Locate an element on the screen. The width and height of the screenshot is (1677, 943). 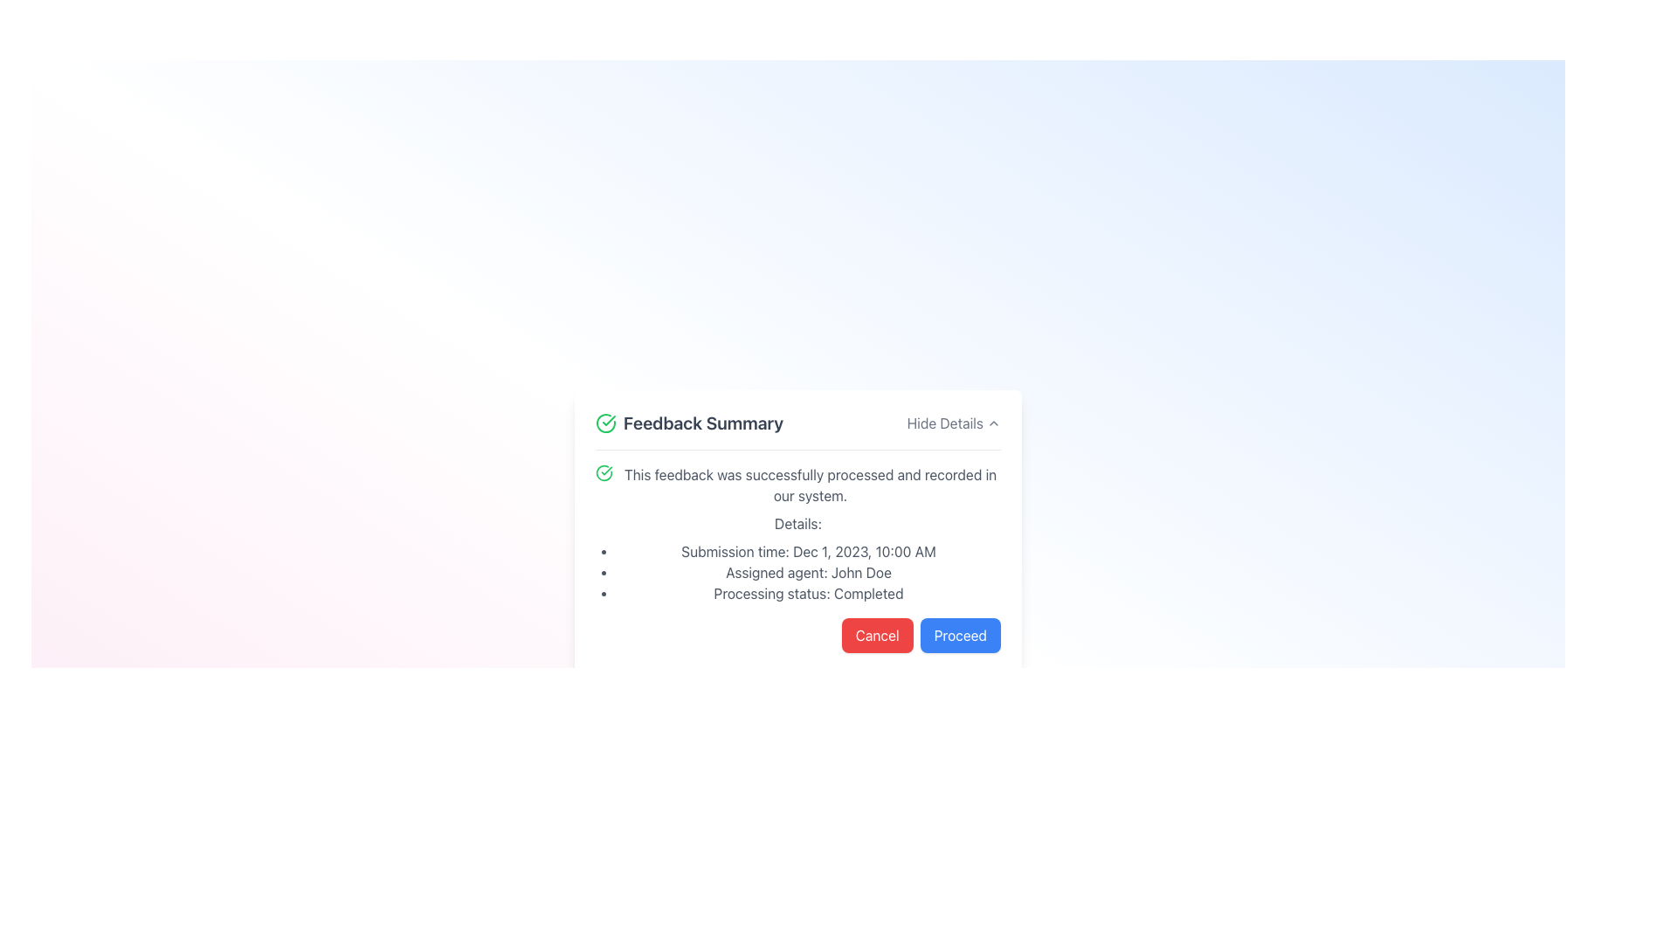
the text label that reads 'Details:' which is styled with a clean, sans-serif font and is located immediately below the feedback processing descriptive text is located at coordinates (797, 521).